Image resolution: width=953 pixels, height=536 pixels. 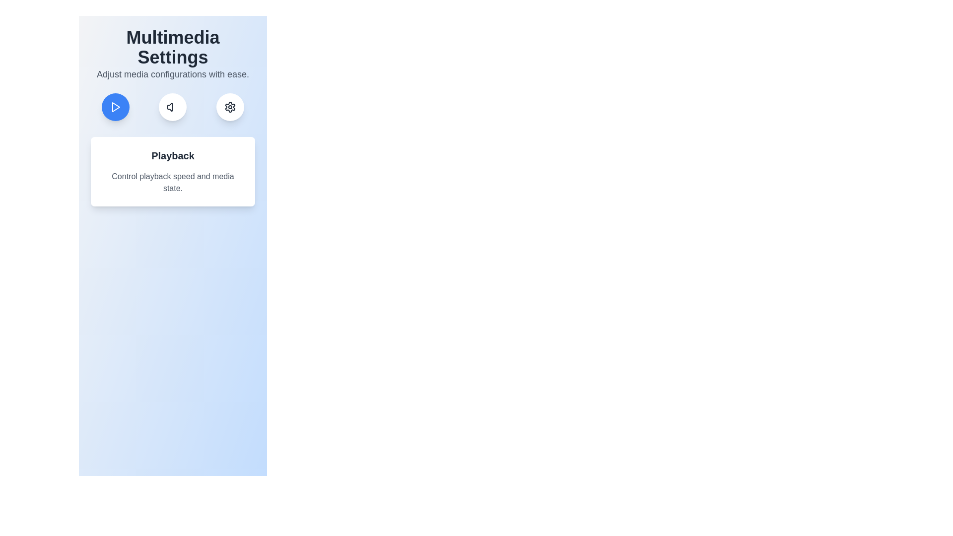 I want to click on the Playback tab by clicking its corresponding button, so click(x=115, y=107).